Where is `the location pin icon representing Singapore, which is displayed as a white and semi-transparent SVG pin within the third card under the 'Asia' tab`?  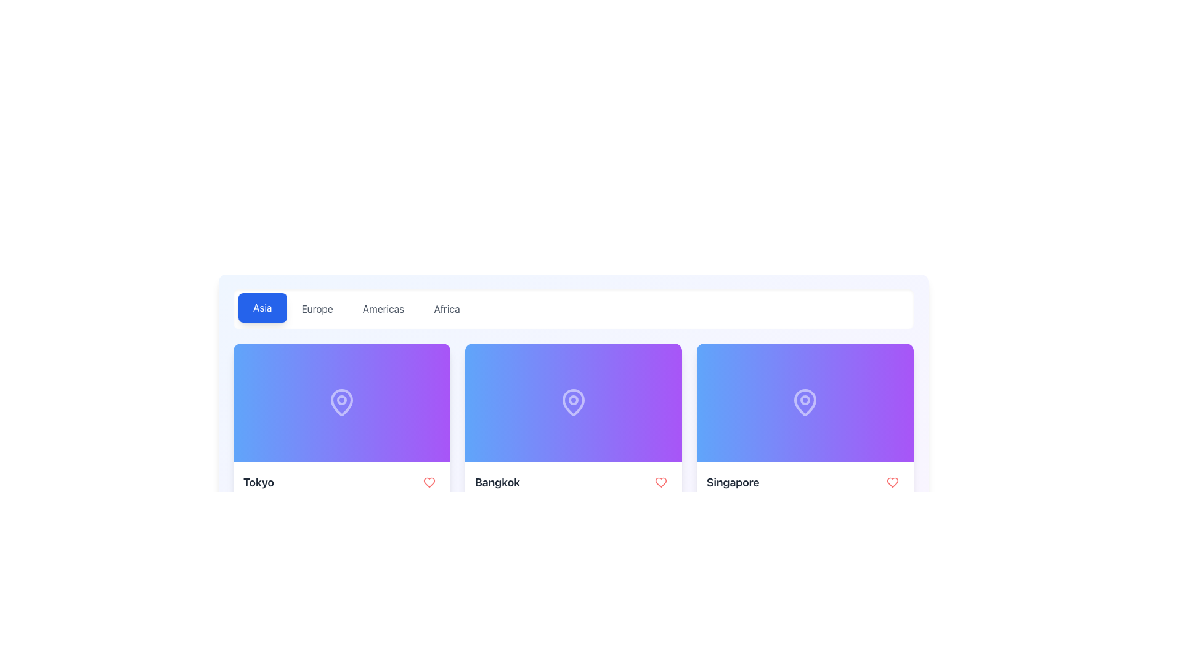
the location pin icon representing Singapore, which is displayed as a white and semi-transparent SVG pin within the third card under the 'Asia' tab is located at coordinates (805, 401).